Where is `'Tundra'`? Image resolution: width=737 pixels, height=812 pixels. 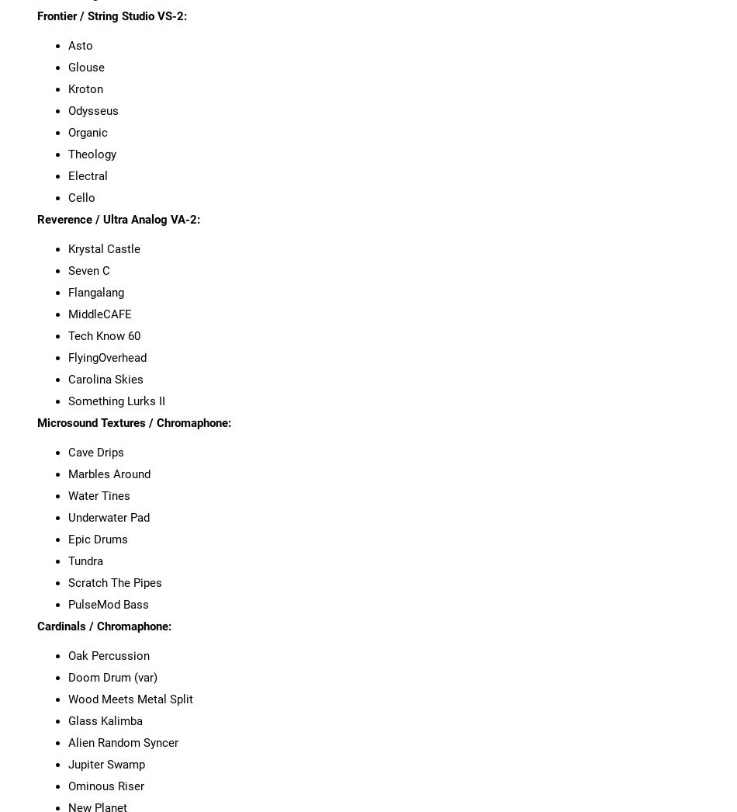
'Tundra' is located at coordinates (85, 560).